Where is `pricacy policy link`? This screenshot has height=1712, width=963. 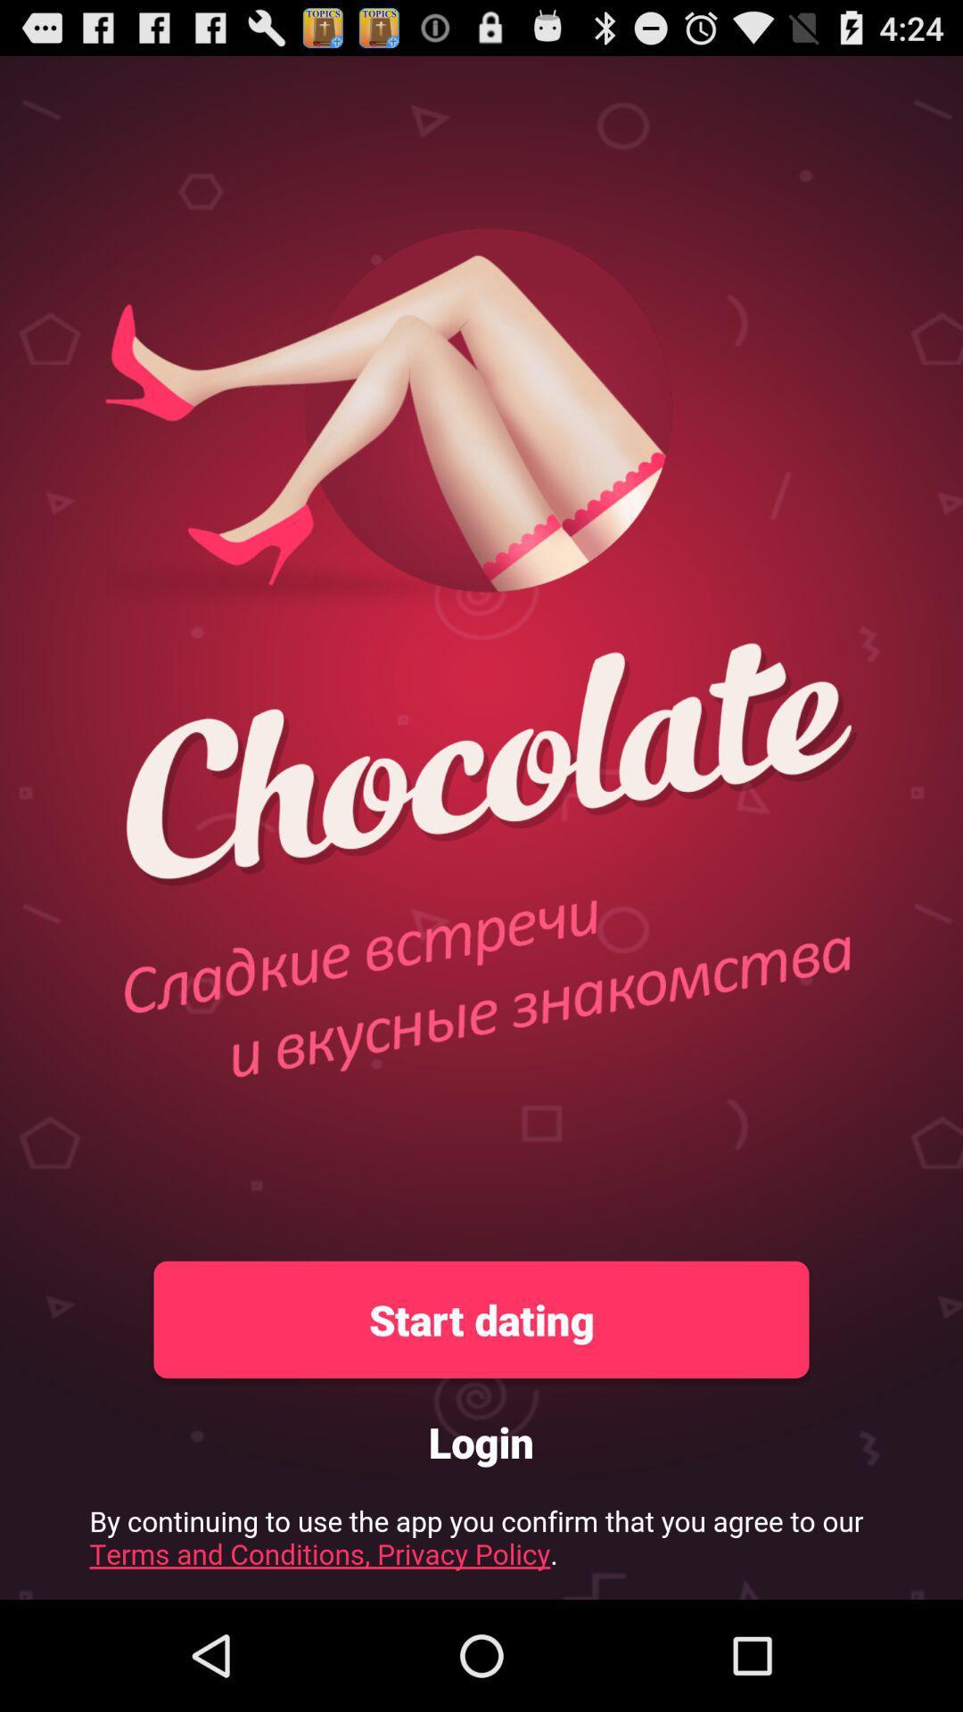
pricacy policy link is located at coordinates (481, 1543).